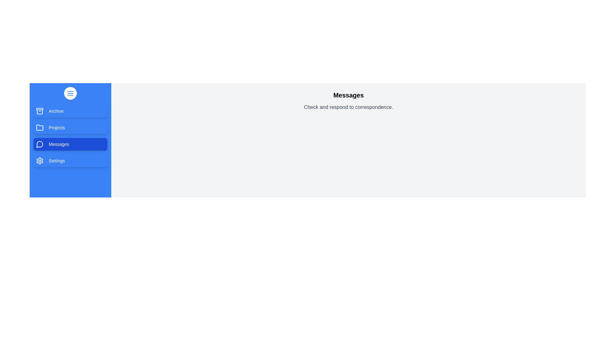  Describe the element at coordinates (70, 128) in the screenshot. I see `the tab Projects to view its content` at that location.